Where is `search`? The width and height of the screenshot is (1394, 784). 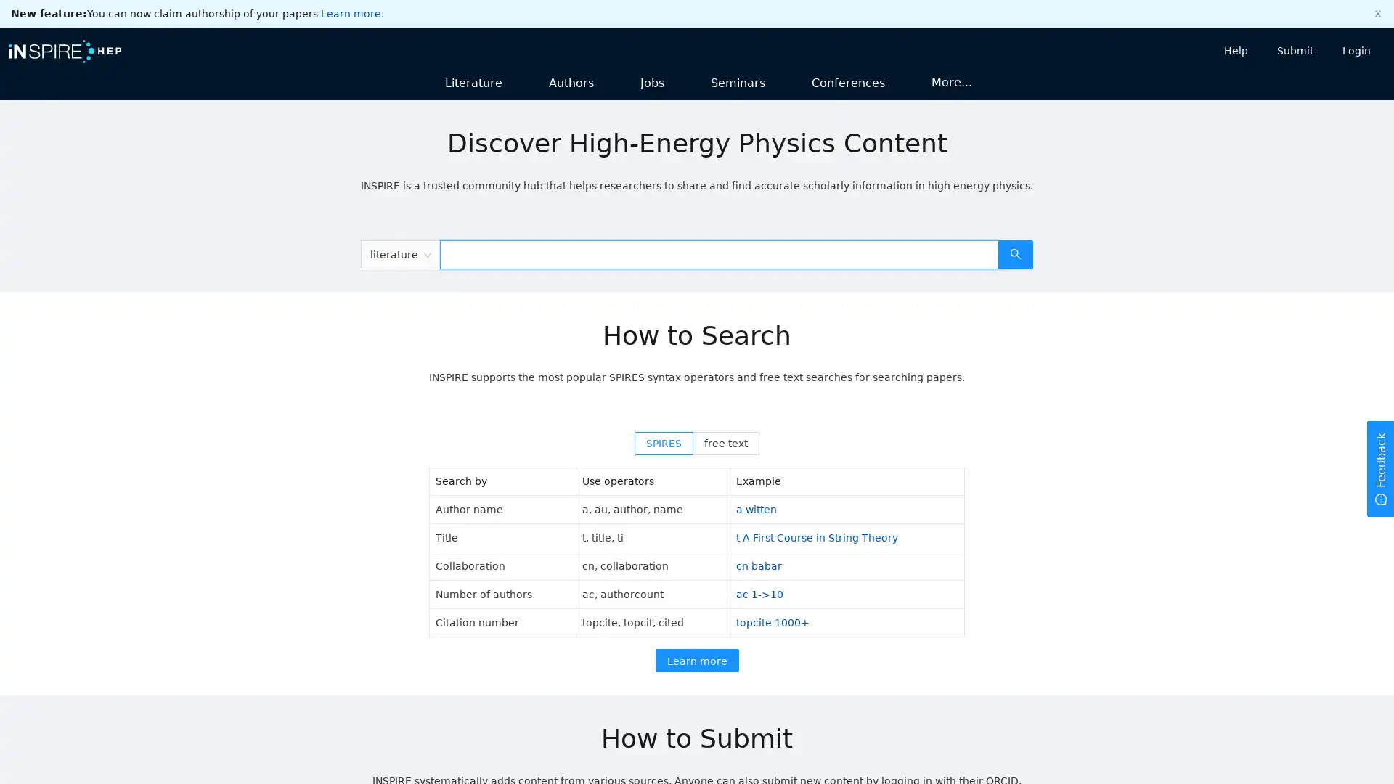 search is located at coordinates (1014, 253).